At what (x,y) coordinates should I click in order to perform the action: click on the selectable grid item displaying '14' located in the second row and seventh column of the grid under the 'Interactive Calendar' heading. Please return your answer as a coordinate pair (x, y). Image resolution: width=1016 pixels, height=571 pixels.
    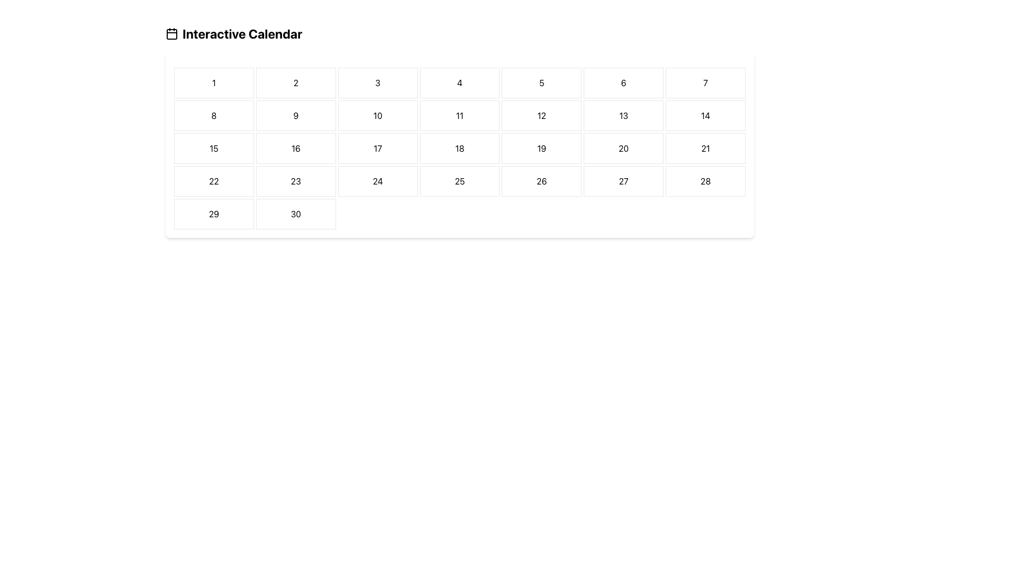
    Looking at the image, I should click on (705, 116).